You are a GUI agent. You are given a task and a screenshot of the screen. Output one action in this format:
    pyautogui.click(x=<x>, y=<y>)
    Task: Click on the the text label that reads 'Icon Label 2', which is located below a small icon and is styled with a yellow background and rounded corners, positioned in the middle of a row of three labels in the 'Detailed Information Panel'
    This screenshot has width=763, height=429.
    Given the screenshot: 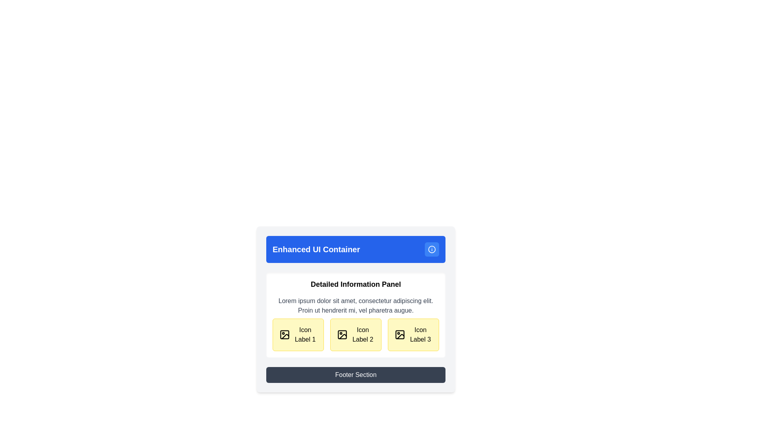 What is the action you would take?
    pyautogui.click(x=362, y=335)
    